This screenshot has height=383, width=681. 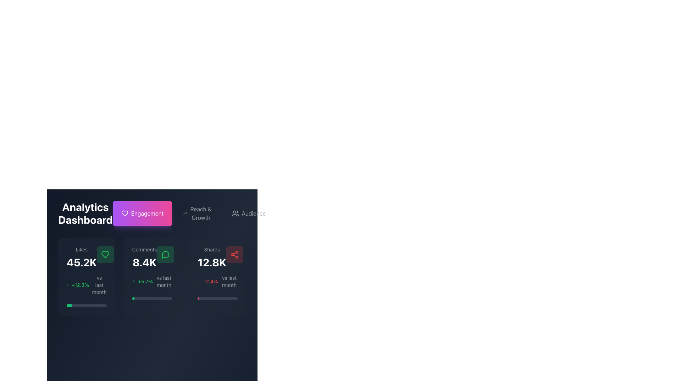 I want to click on the Text label displaying the percentage growth figure (+12.3%) for Likes, located in the analytics dashboard, so click(x=80, y=284).